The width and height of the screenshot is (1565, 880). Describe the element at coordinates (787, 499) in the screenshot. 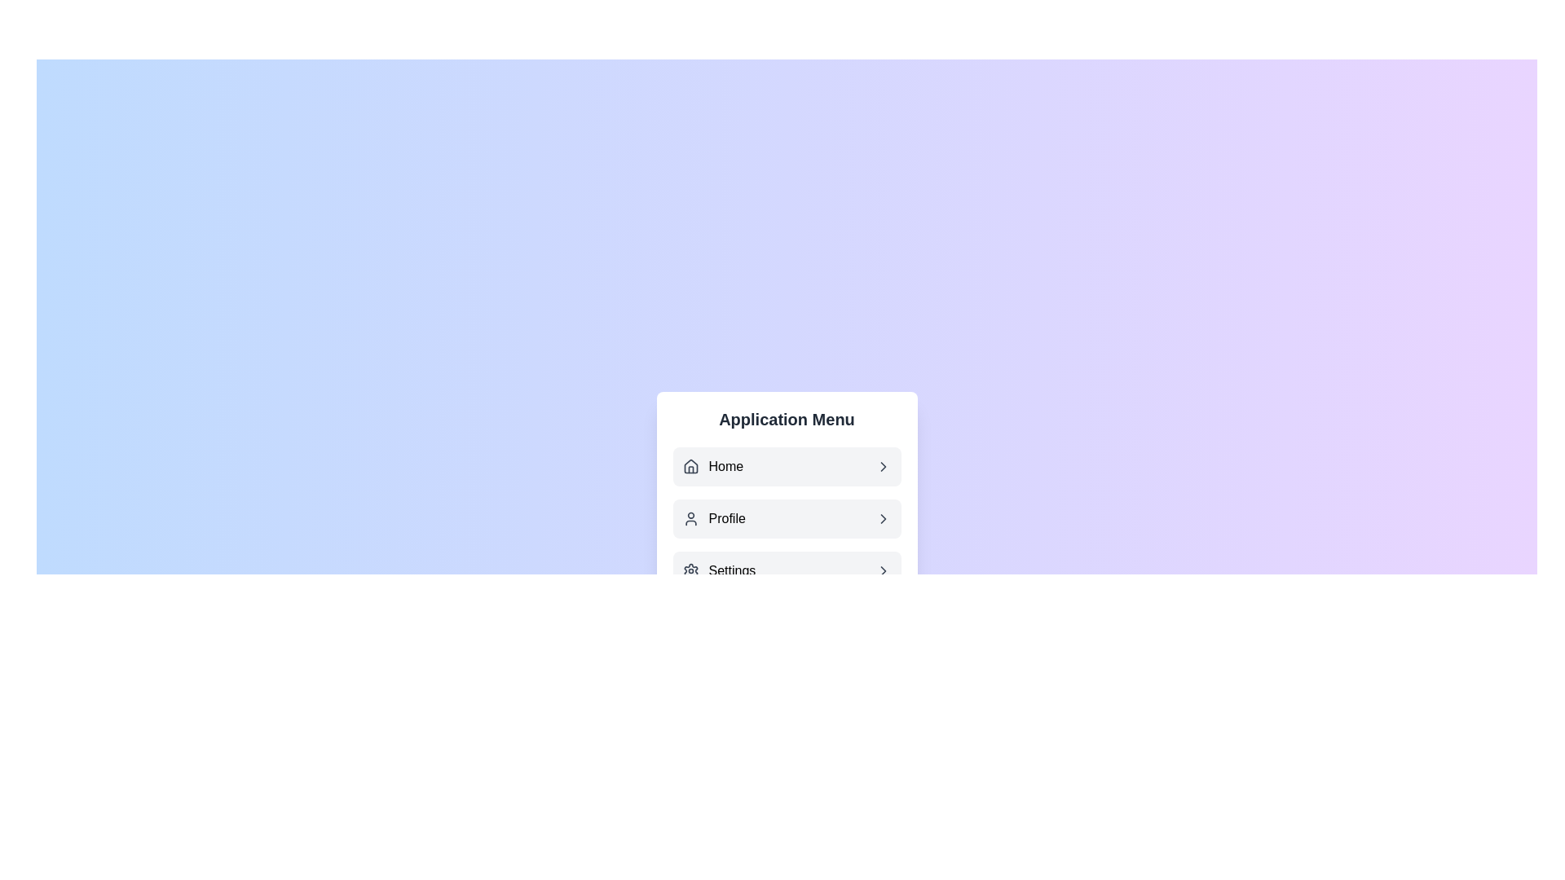

I see `the 'Profile' menu item in the Application Menu` at that location.